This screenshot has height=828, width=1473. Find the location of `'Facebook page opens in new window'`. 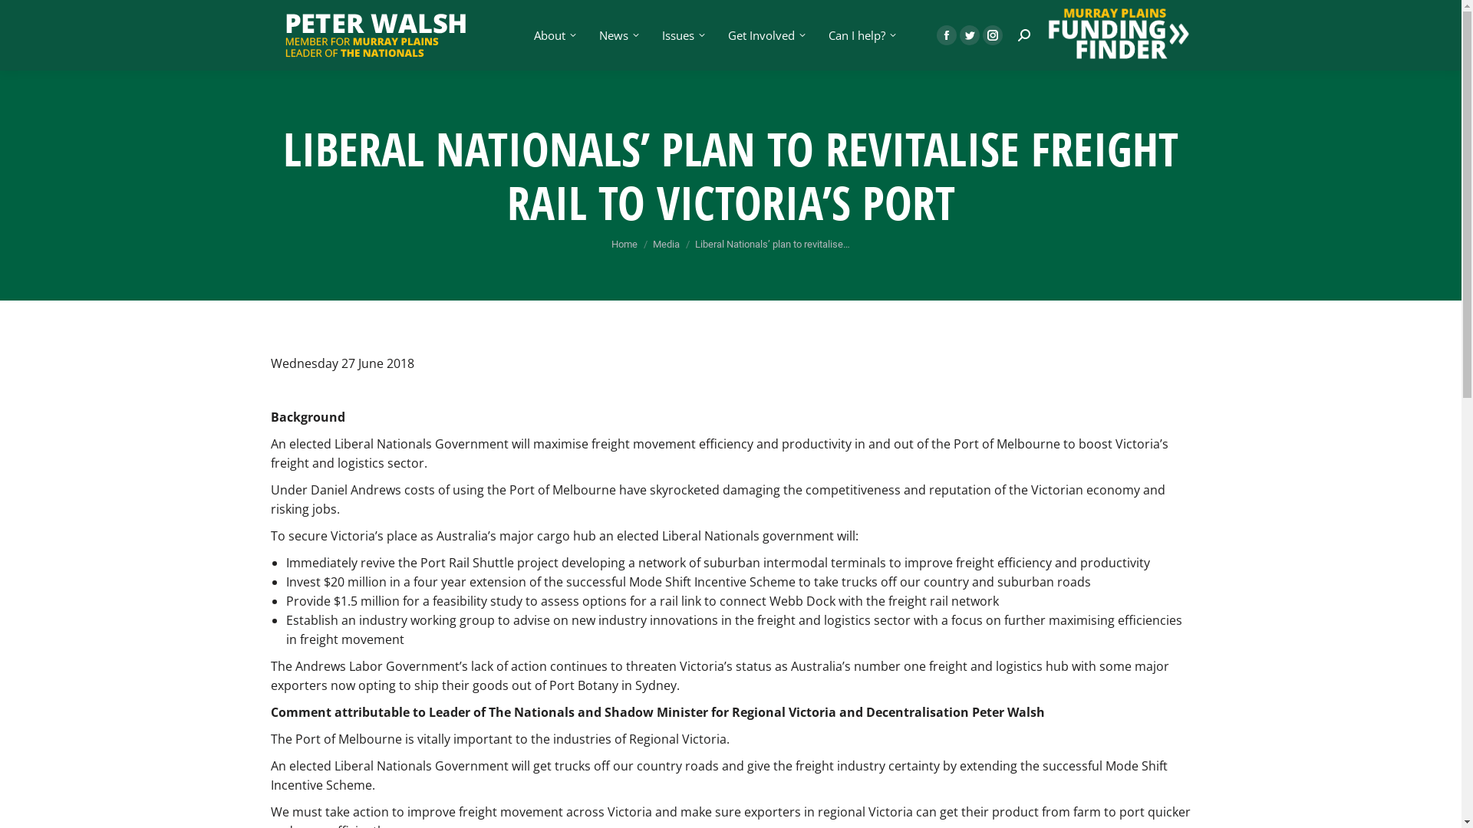

'Facebook page opens in new window' is located at coordinates (945, 34).